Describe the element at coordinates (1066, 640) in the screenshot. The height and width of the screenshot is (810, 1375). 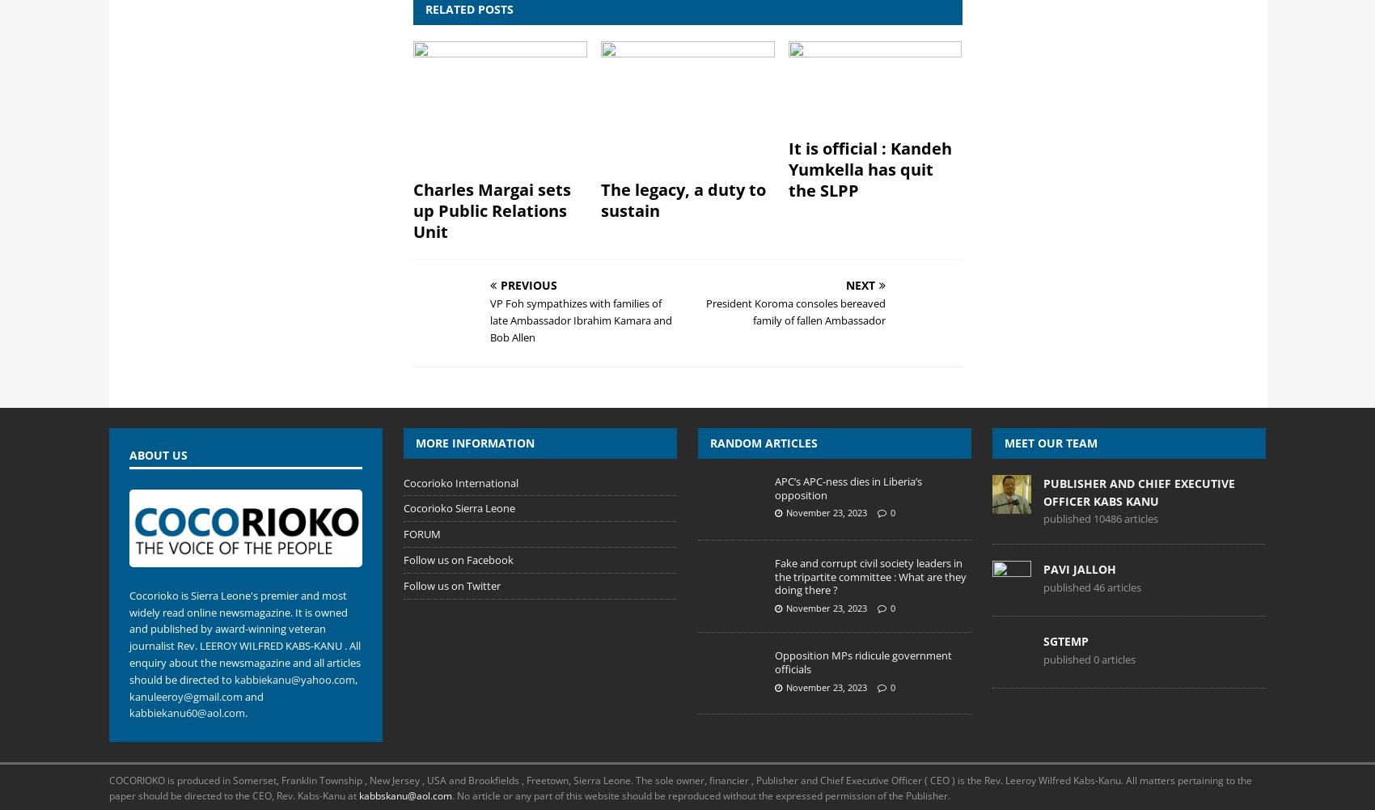
I see `'sgtemp'` at that location.